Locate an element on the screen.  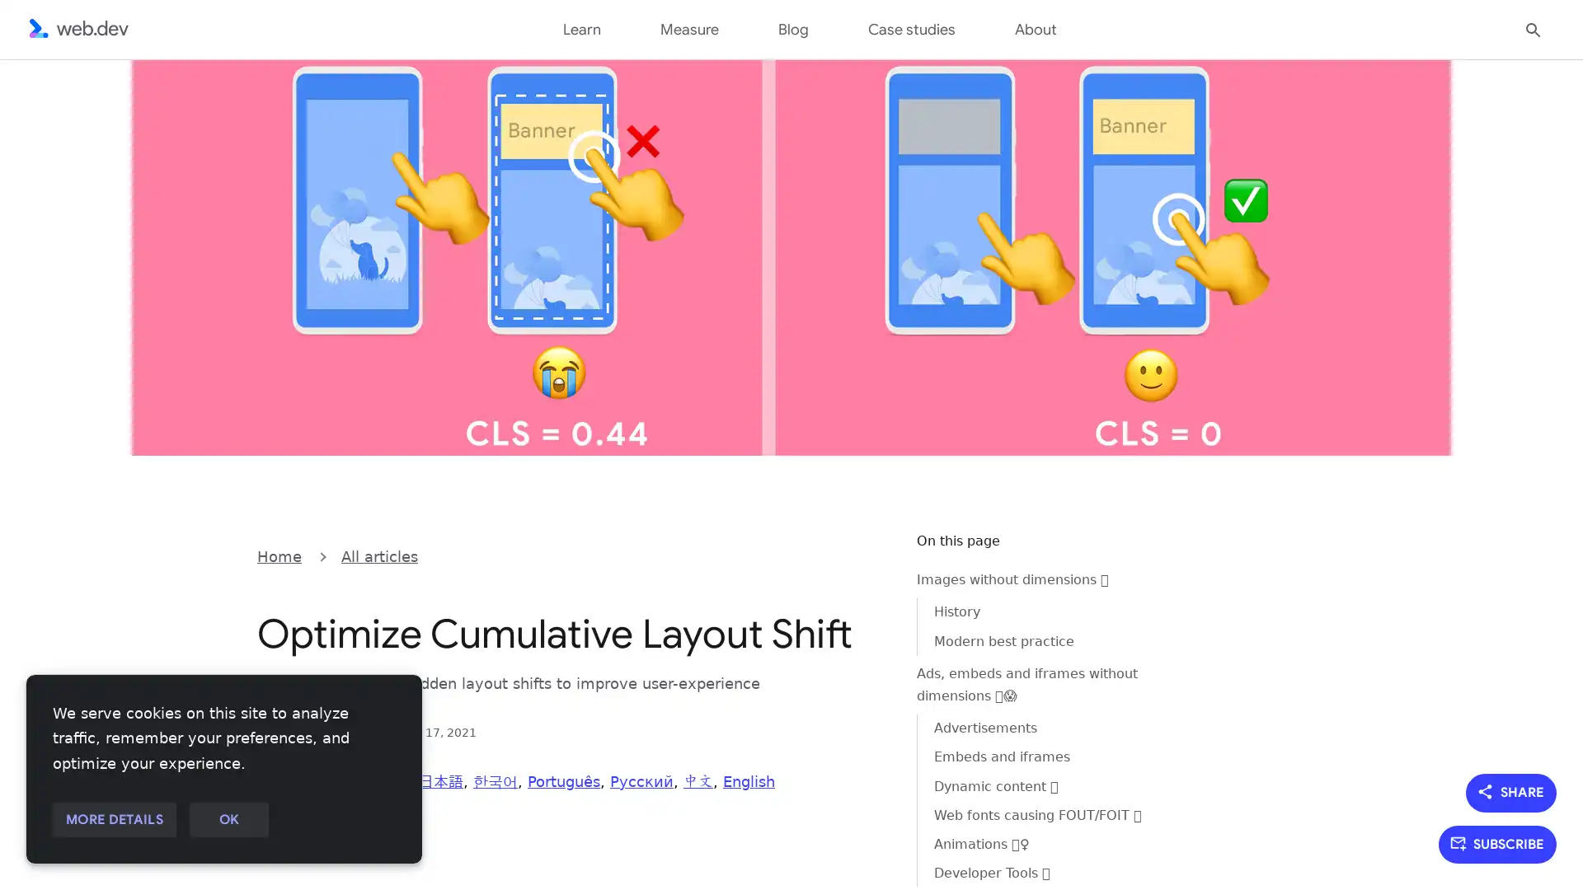
OK is located at coordinates (228, 820).